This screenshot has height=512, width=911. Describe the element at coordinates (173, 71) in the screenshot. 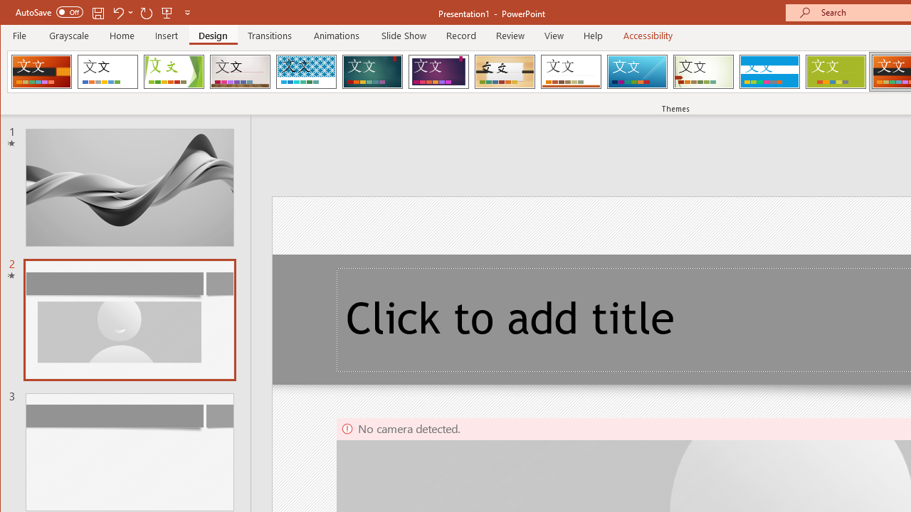

I see `'Facet'` at that location.